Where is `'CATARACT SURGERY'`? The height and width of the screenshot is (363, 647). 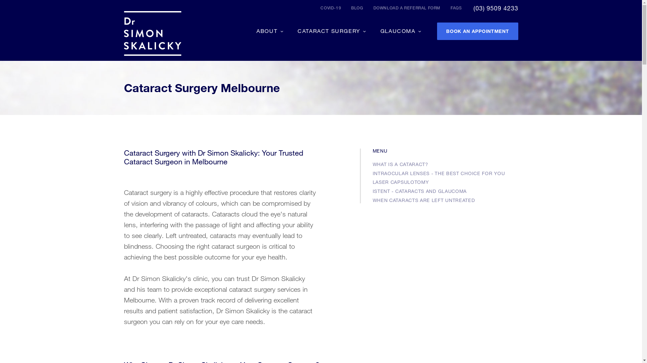 'CATARACT SURGERY' is located at coordinates (331, 31).